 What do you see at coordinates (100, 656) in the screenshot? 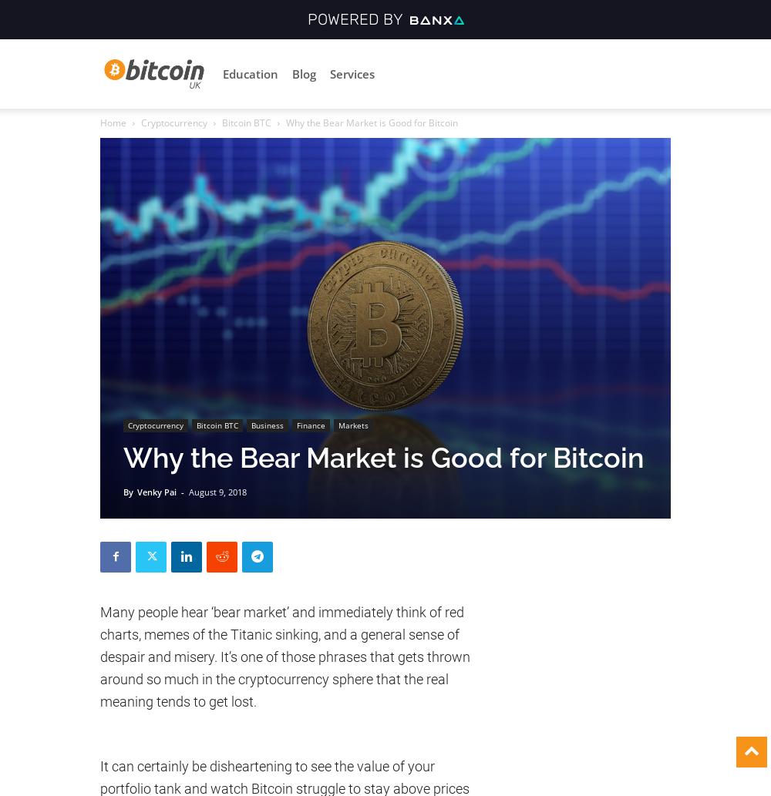
I see `'Many people hear ‘bear market’ and immediately think of red charts, memes of the Titanic sinking, and a general sense of despair and misery. It’s one of those phrases that gets thrown around so much in the cryptocurrency sphere that the real meaning tends to get lost.'` at bounding box center [100, 656].